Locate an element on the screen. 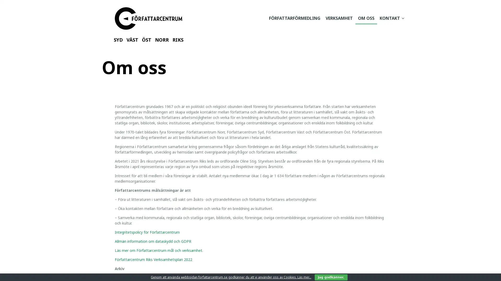 This screenshot has width=501, height=281. Jag godkanner. is located at coordinates (331, 277).